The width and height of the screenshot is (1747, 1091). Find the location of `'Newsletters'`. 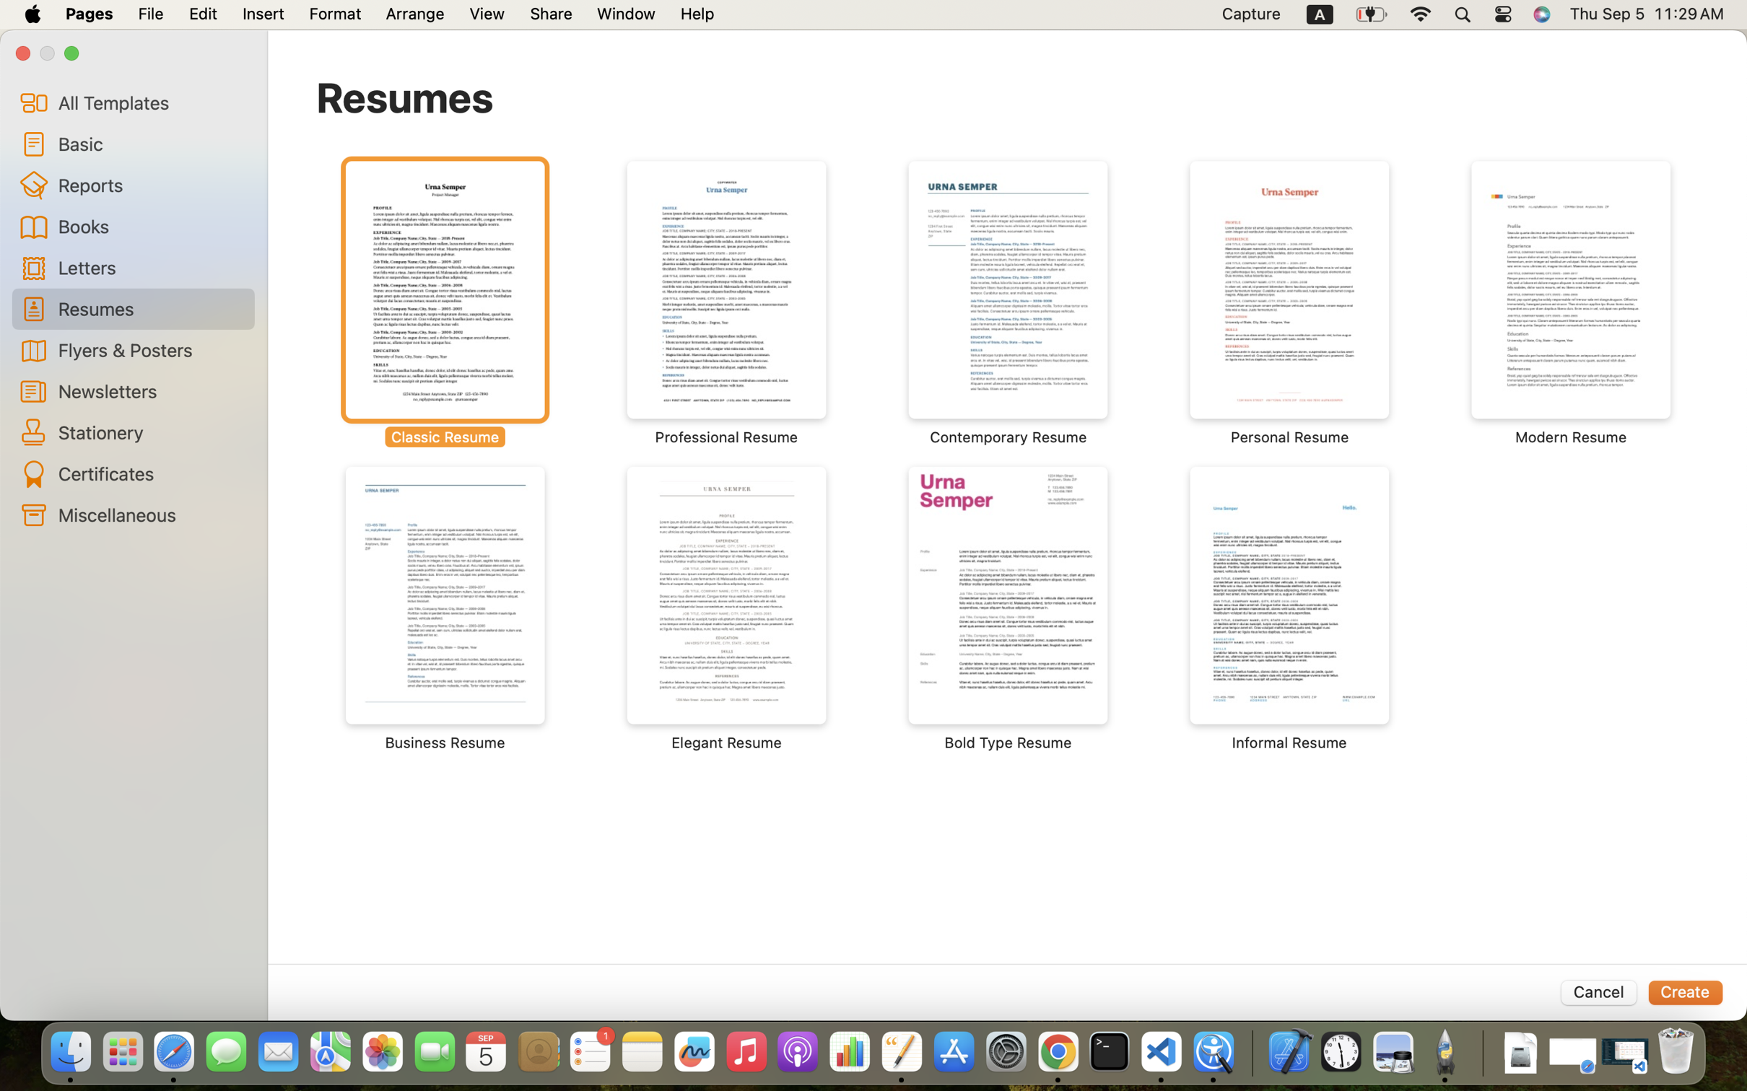

'Newsletters' is located at coordinates (150, 390).